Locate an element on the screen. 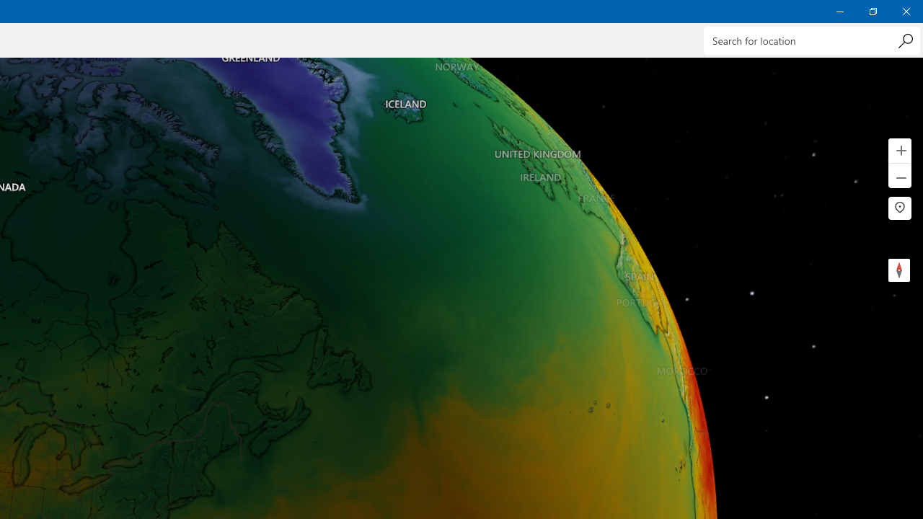 The height and width of the screenshot is (519, 923). 'Close Weather' is located at coordinates (905, 11).